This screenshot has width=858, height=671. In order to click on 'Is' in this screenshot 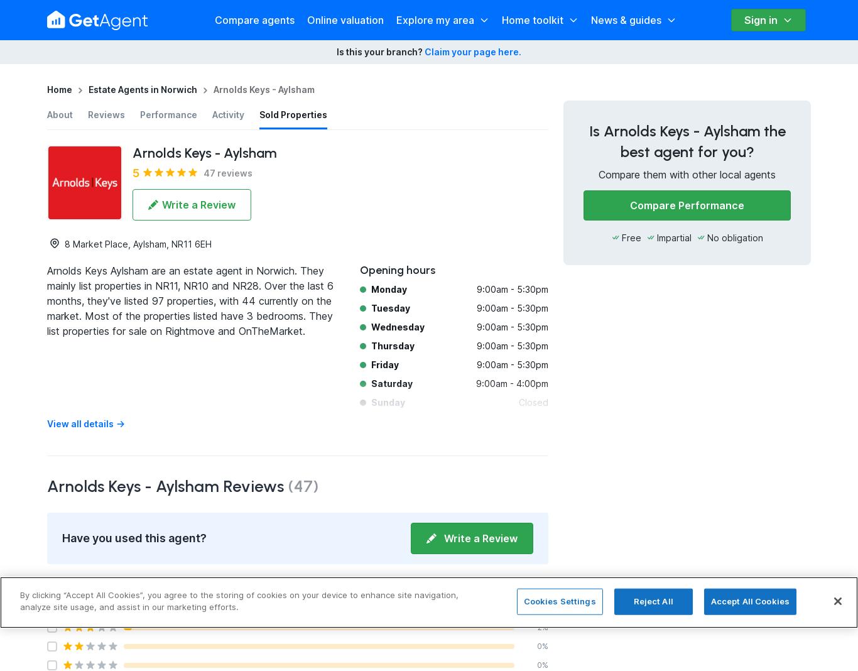, I will do `click(594, 131)`.